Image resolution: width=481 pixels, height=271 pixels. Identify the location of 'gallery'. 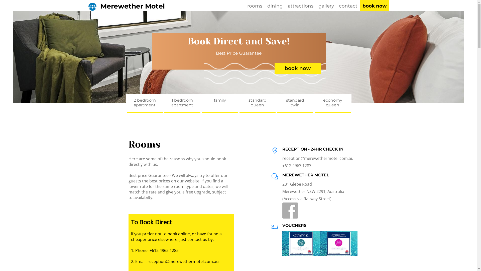
(326, 6).